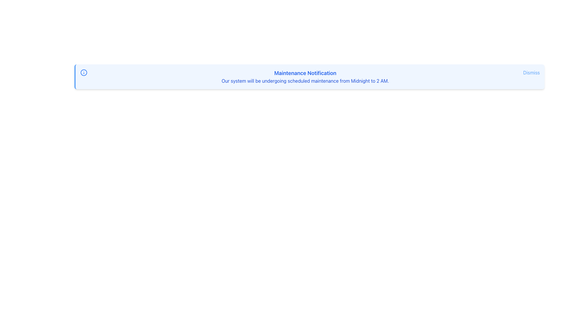  Describe the element at coordinates (83, 72) in the screenshot. I see `the circular blue outlined information icon located at the left edge of the notification banner with the title 'Maintenance Notification'` at that location.